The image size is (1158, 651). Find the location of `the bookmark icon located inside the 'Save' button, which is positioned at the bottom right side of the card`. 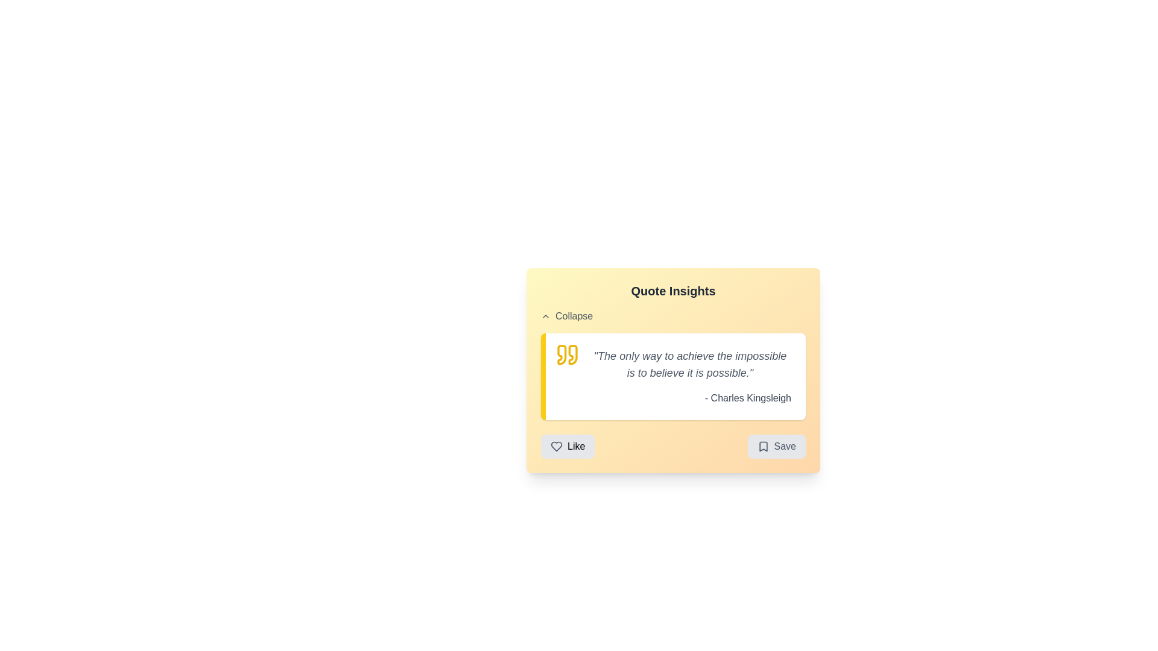

the bookmark icon located inside the 'Save' button, which is positioned at the bottom right side of the card is located at coordinates (762, 446).